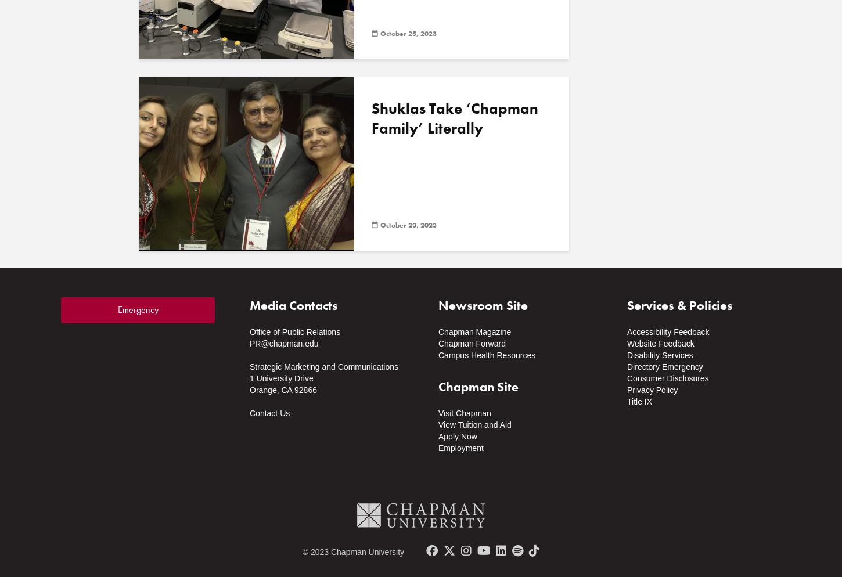 The width and height of the screenshot is (842, 577). Describe the element at coordinates (627, 344) in the screenshot. I see `'Website Feedback'` at that location.